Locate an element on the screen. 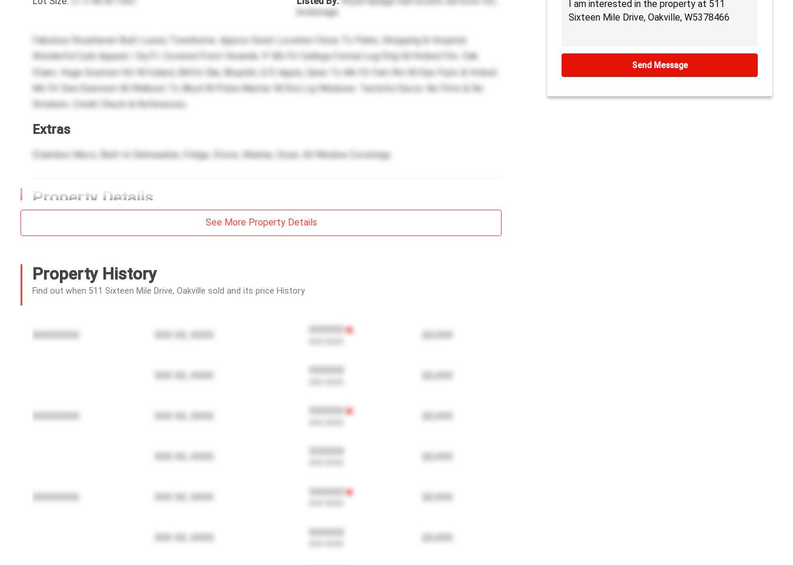  '2-Storey' is located at coordinates (77, 530).